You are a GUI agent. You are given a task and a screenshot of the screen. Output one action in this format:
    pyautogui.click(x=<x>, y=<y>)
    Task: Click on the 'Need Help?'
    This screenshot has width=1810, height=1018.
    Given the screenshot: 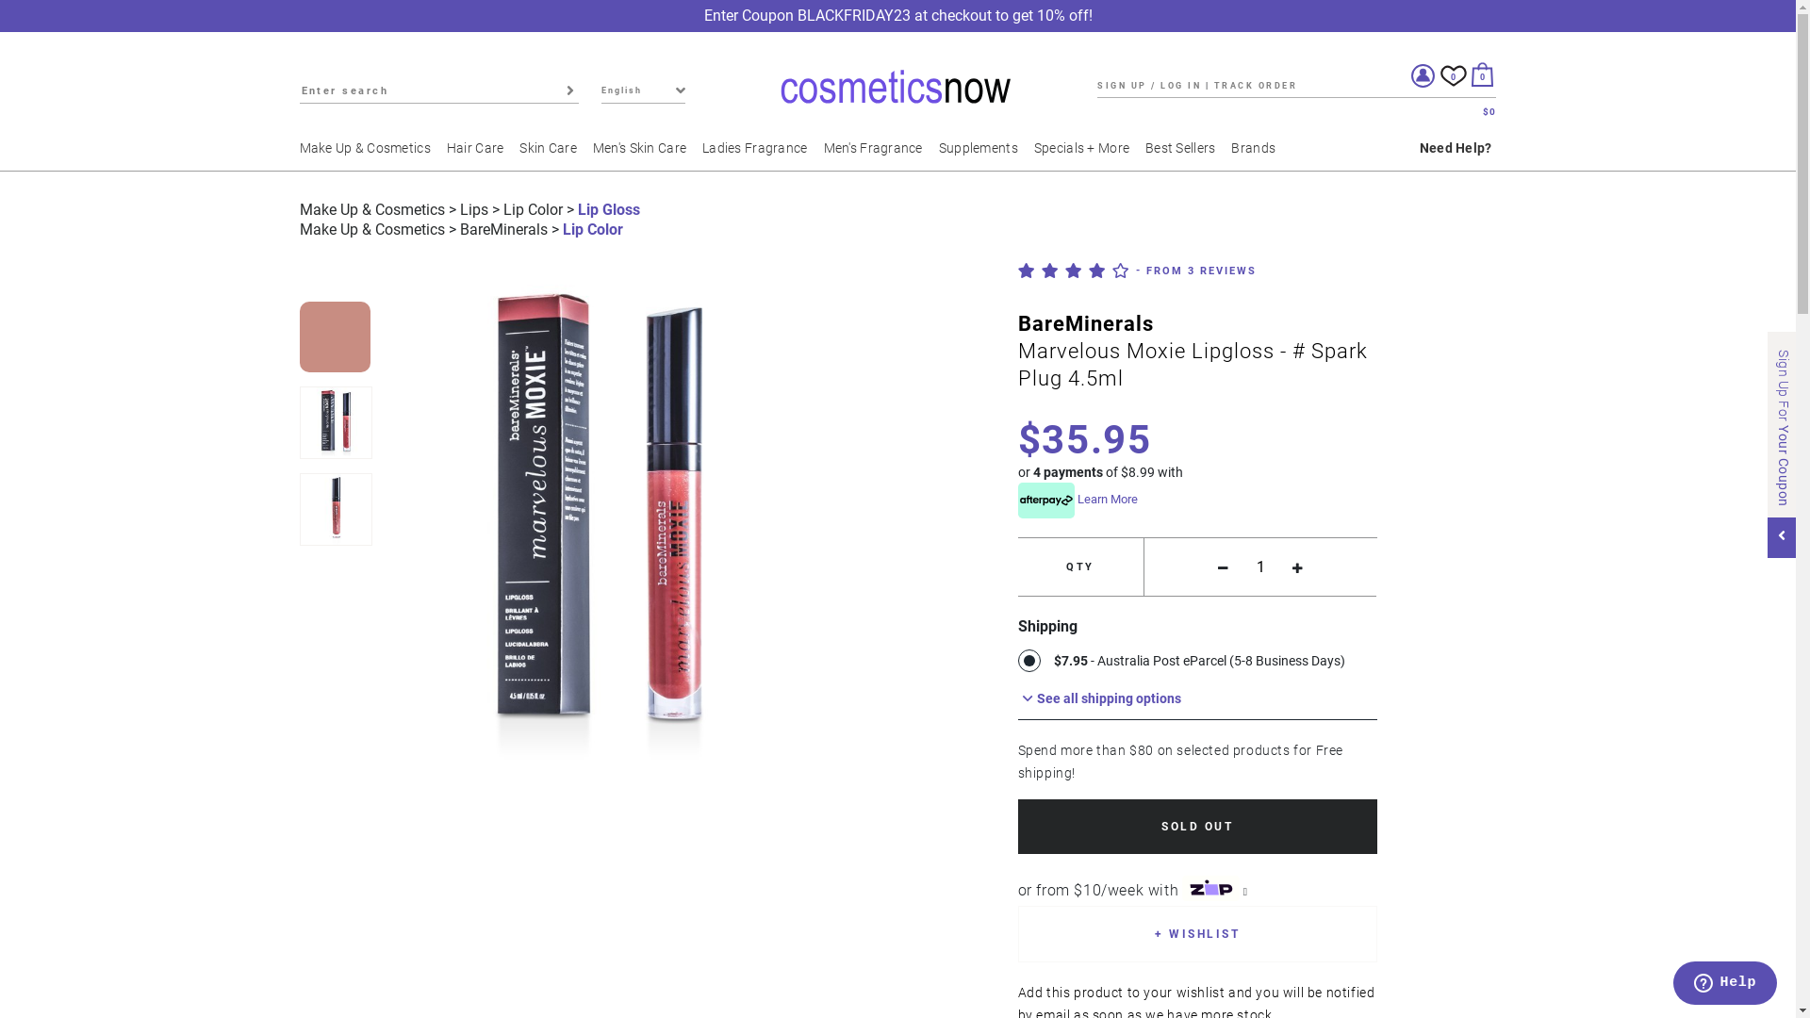 What is the action you would take?
    pyautogui.click(x=1455, y=155)
    